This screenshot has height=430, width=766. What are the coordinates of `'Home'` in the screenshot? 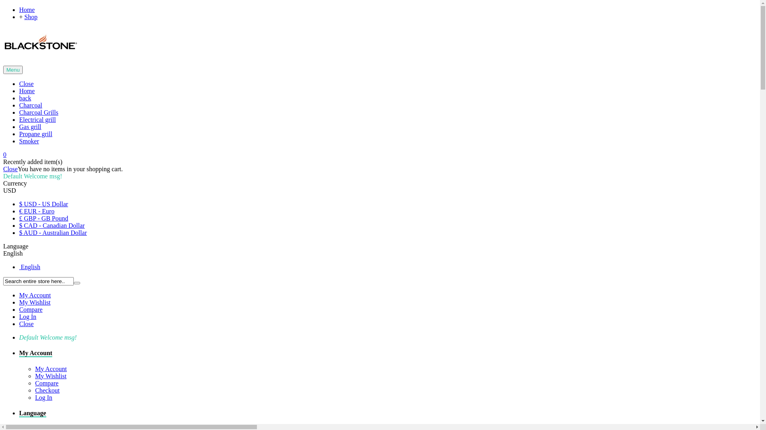 It's located at (27, 90).